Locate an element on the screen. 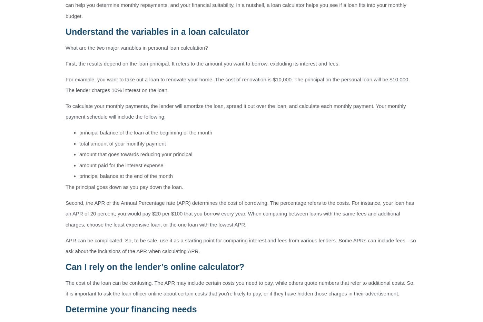  'First, the results depend on the loan principal. It refers to the amount you want to borrow, excluding its interest and fees.' is located at coordinates (203, 63).